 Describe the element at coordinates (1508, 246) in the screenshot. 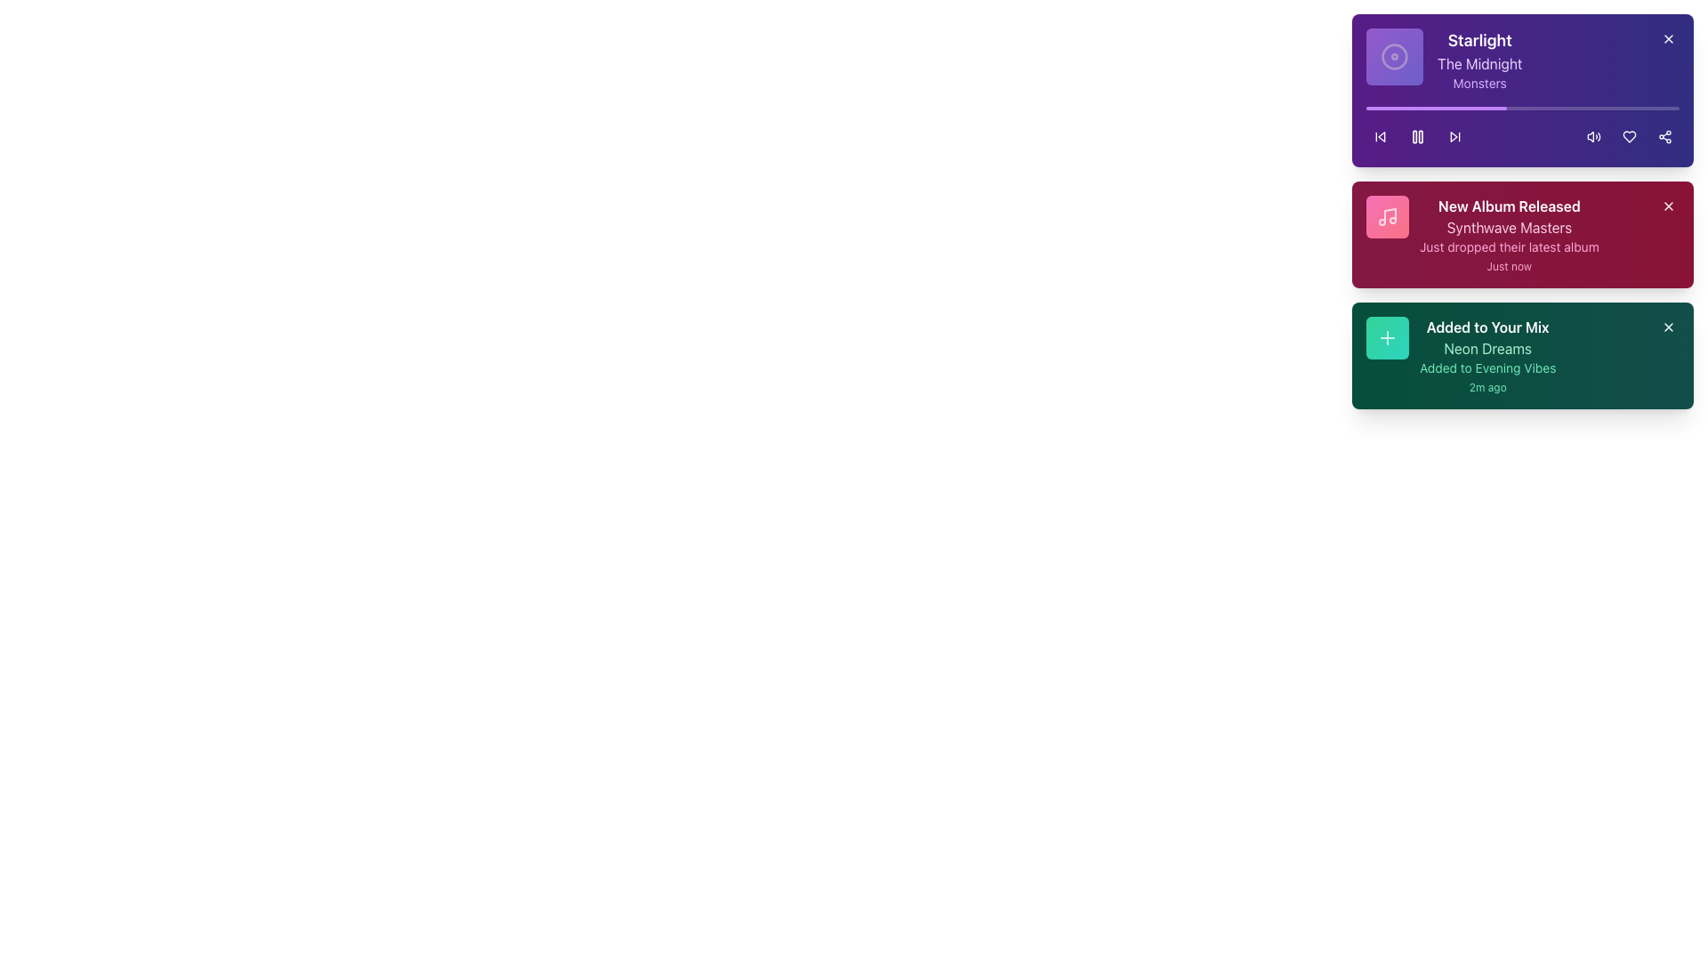

I see `the Text label displaying 'Just dropped their latest album' in light pink, positioned below 'Synthwave Masters' and above 'Just now'` at that location.